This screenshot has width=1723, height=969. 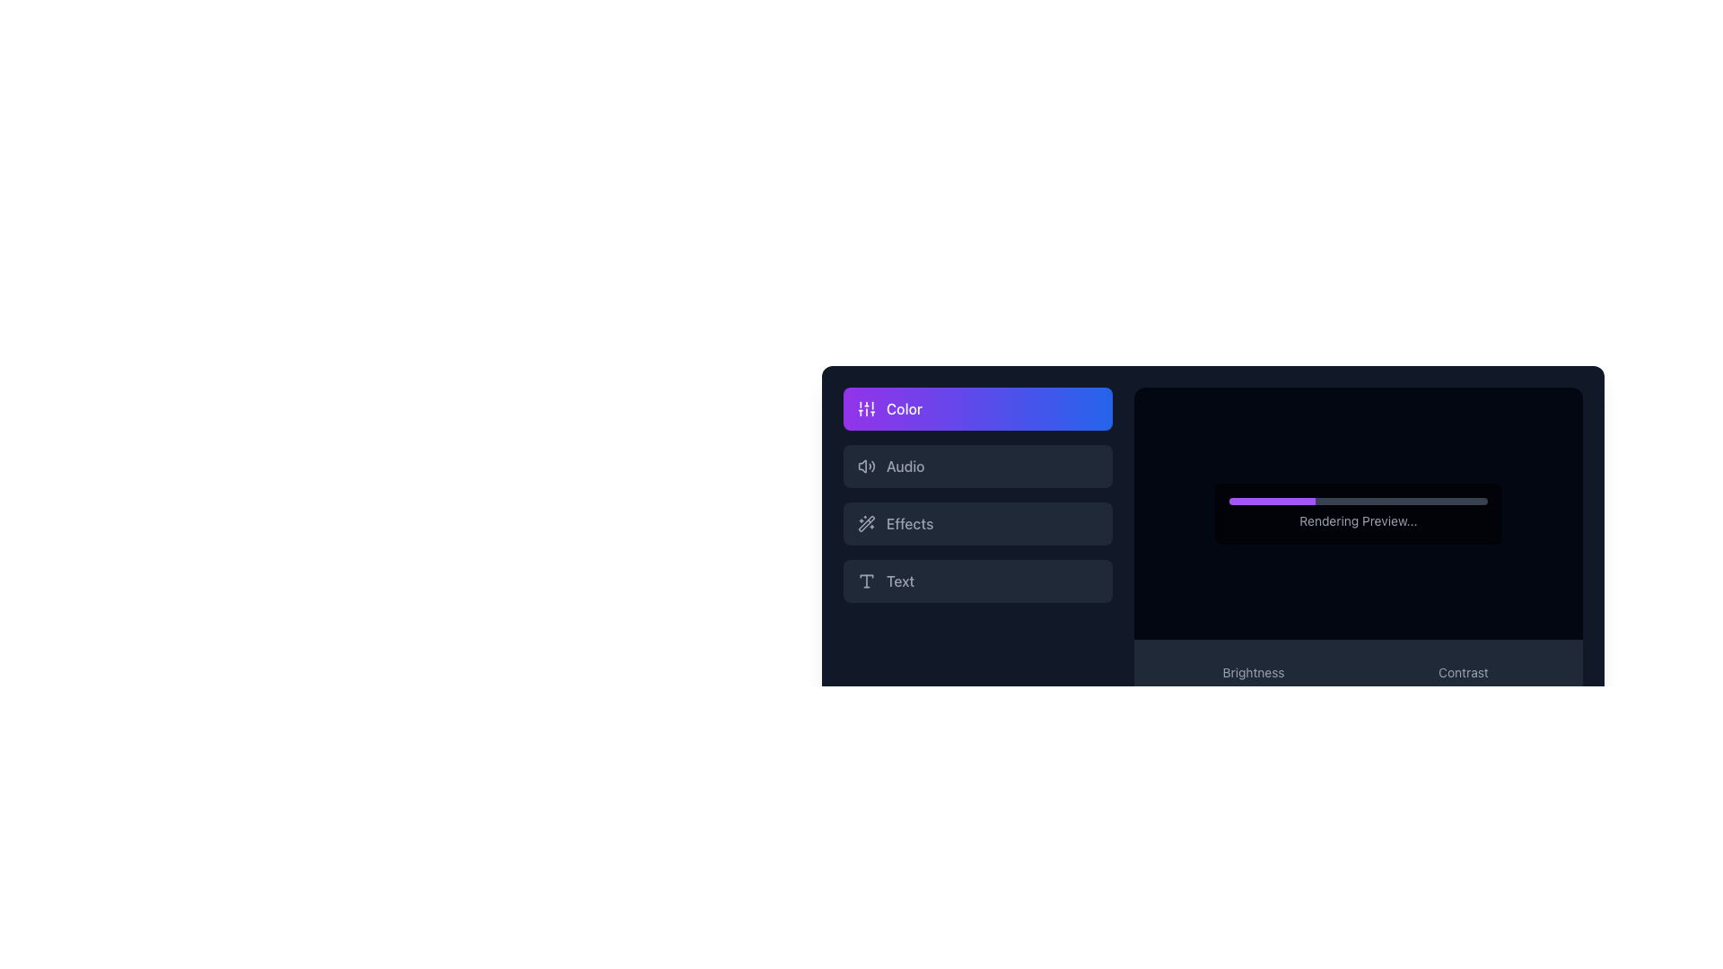 What do you see at coordinates (976, 466) in the screenshot?
I see `the audio settings button located below the 'Color' button and above the 'Effects' button` at bounding box center [976, 466].